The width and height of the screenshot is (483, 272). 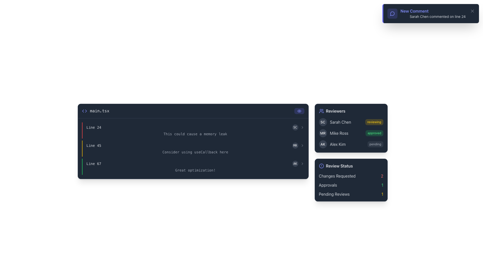 What do you see at coordinates (375, 144) in the screenshot?
I see `the status label indicating 'pending' for the reviewer 'Alex Kim', located under the 'Reviewers' section, to the right of their name` at bounding box center [375, 144].